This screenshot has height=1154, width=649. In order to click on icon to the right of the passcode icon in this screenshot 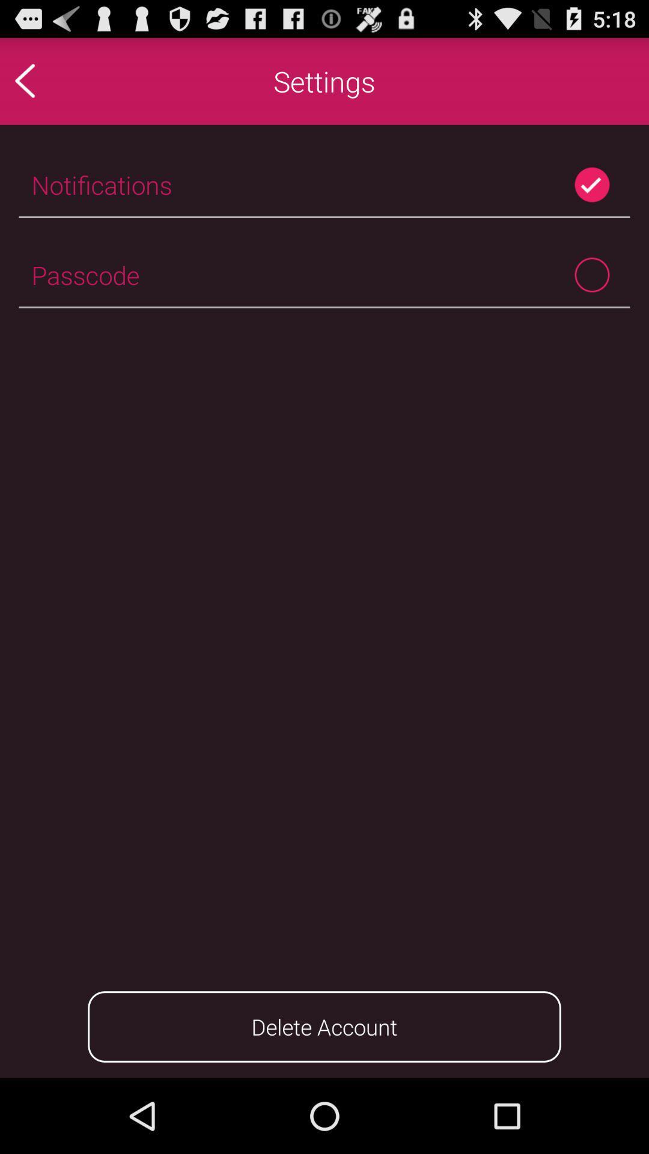, I will do `click(591, 274)`.